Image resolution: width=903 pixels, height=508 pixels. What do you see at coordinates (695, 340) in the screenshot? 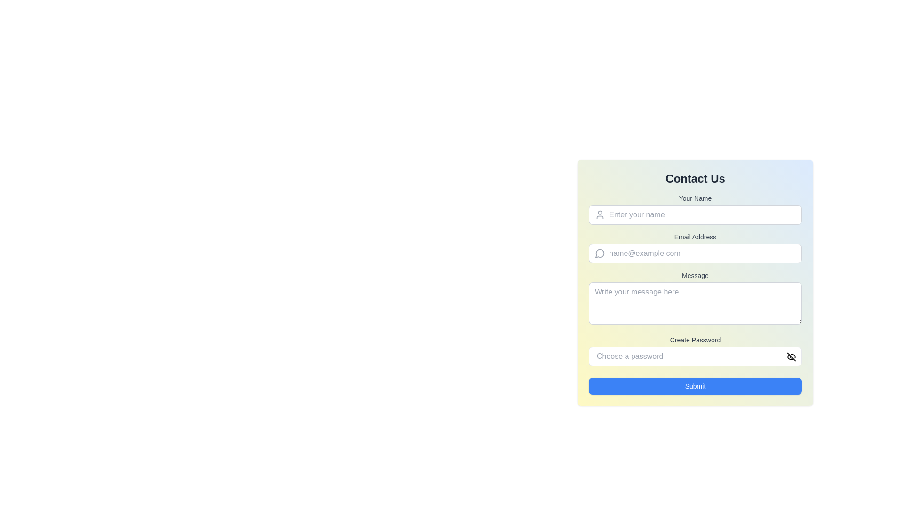
I see `the static text label that provides guidance for the password input field, located beneath the 'Message' input field` at bounding box center [695, 340].